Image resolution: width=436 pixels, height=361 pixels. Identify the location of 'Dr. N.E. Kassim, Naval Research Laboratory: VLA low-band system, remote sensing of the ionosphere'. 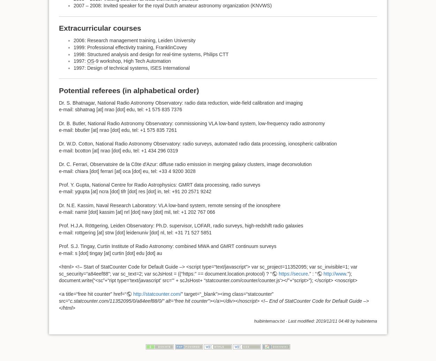
(169, 204).